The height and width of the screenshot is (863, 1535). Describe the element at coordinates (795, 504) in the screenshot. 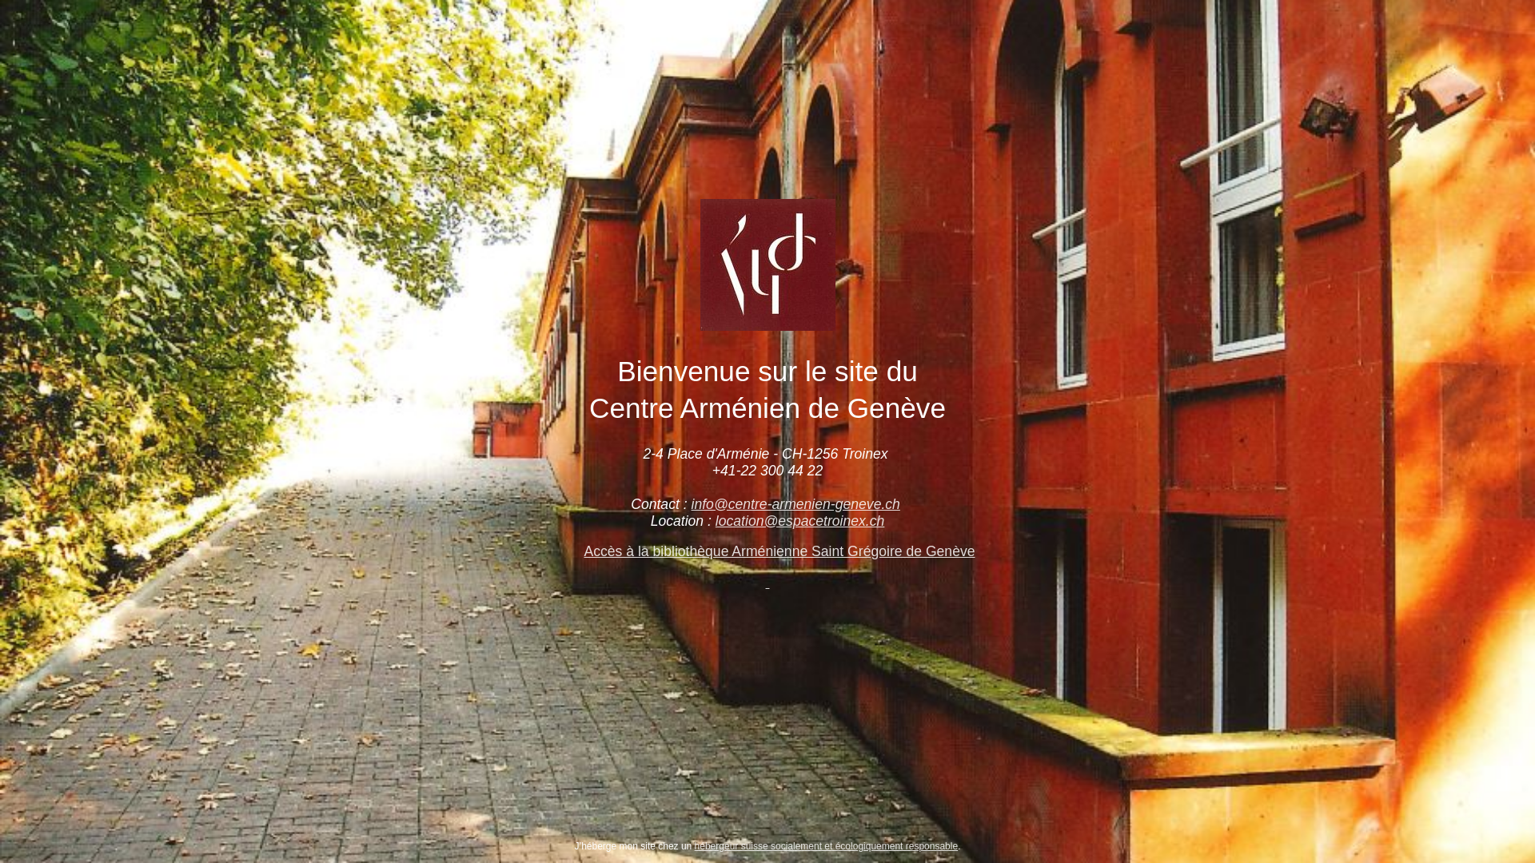

I see `'info@centre-armenien-geneve.ch'` at that location.